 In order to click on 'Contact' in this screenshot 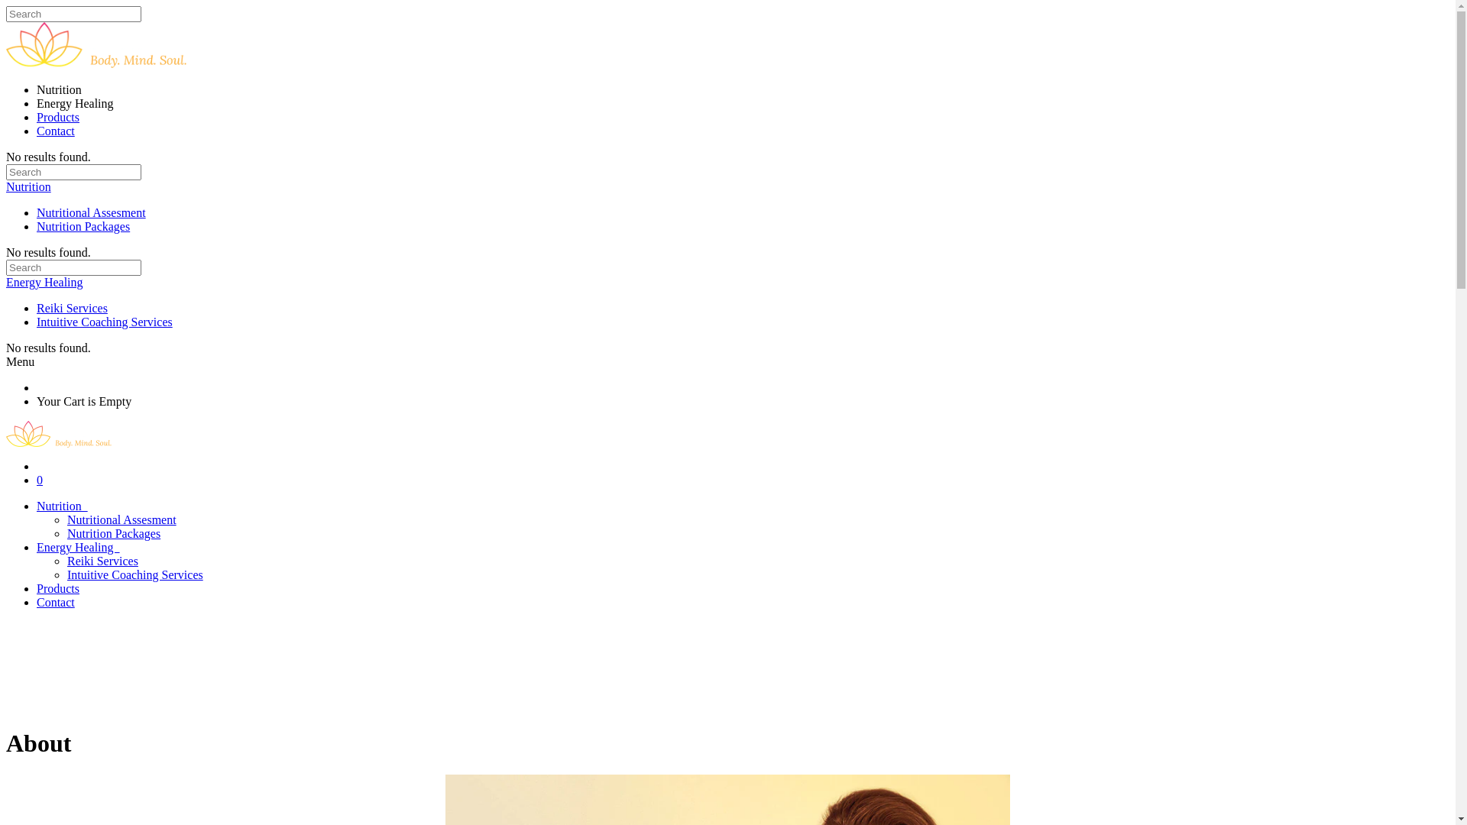, I will do `click(55, 130)`.